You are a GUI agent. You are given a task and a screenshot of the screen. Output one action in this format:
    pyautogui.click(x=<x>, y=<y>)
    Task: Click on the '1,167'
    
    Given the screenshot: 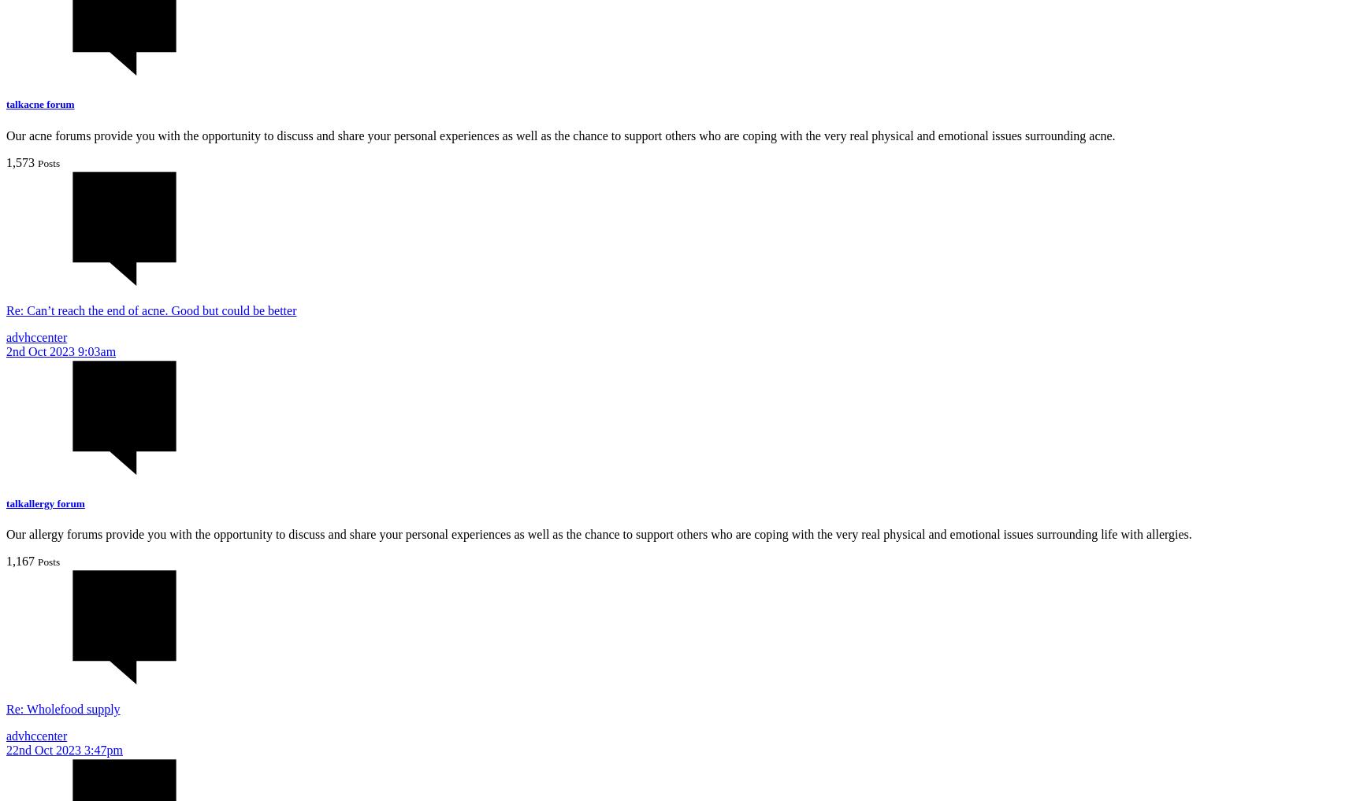 What is the action you would take?
    pyautogui.click(x=20, y=559)
    